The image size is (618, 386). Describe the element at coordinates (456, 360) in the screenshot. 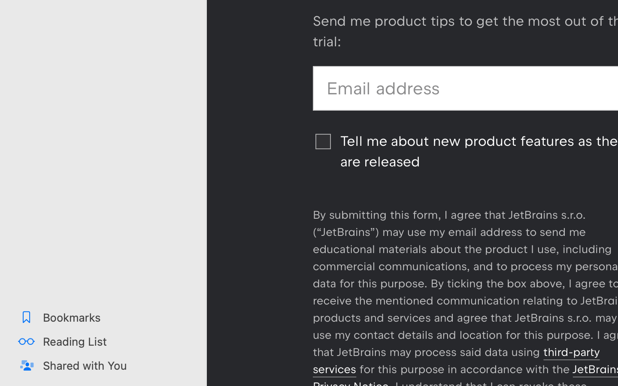

I see `'third-party services'` at that location.